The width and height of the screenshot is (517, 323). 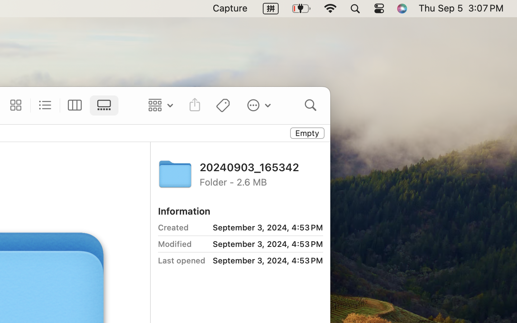 What do you see at coordinates (173, 227) in the screenshot?
I see `'Created'` at bounding box center [173, 227].